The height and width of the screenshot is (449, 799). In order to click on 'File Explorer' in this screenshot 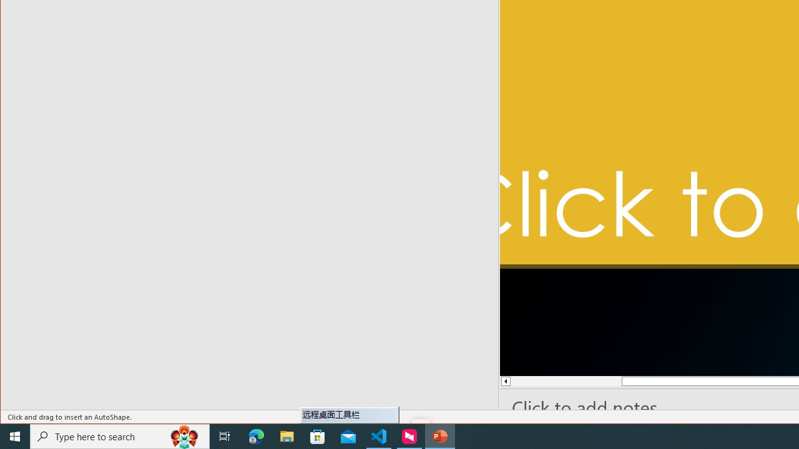, I will do `click(287, 435)`.